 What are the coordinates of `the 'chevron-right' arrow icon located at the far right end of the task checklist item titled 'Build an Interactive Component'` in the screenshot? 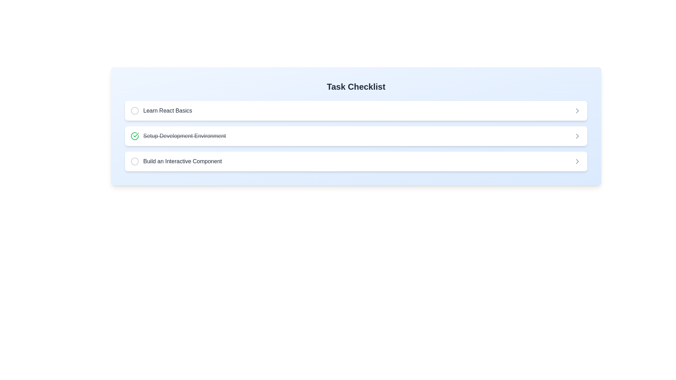 It's located at (577, 161).